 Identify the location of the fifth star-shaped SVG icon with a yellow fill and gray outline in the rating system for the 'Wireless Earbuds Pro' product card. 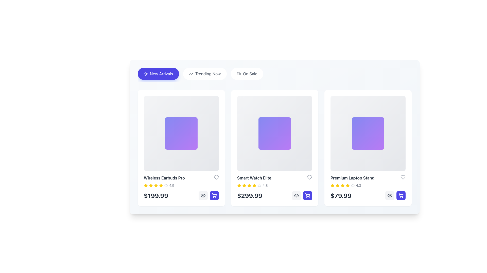
(155, 185).